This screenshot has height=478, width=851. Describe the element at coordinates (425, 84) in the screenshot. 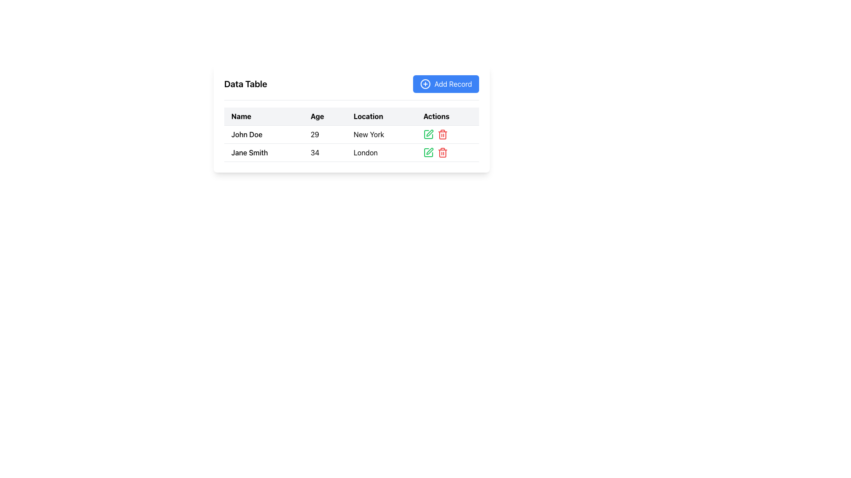

I see `the add record icon located to the left of the 'Add Record' button` at that location.